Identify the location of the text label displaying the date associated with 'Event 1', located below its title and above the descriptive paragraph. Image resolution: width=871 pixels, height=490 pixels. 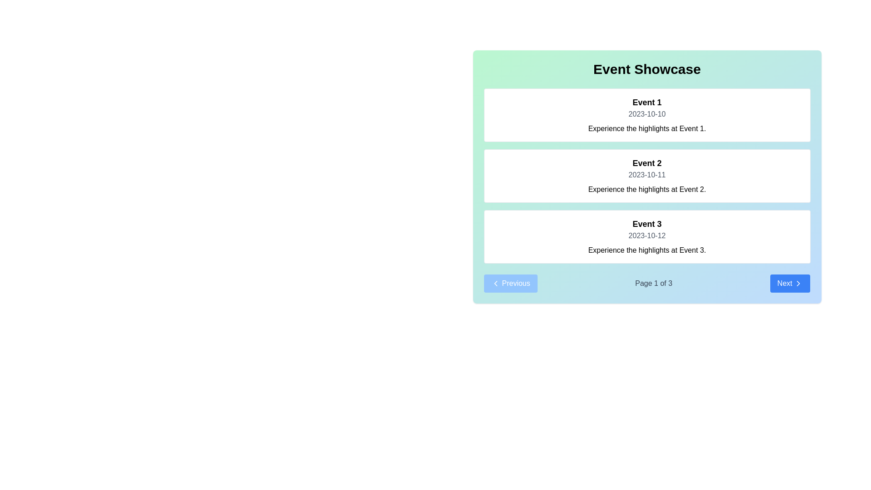
(646, 113).